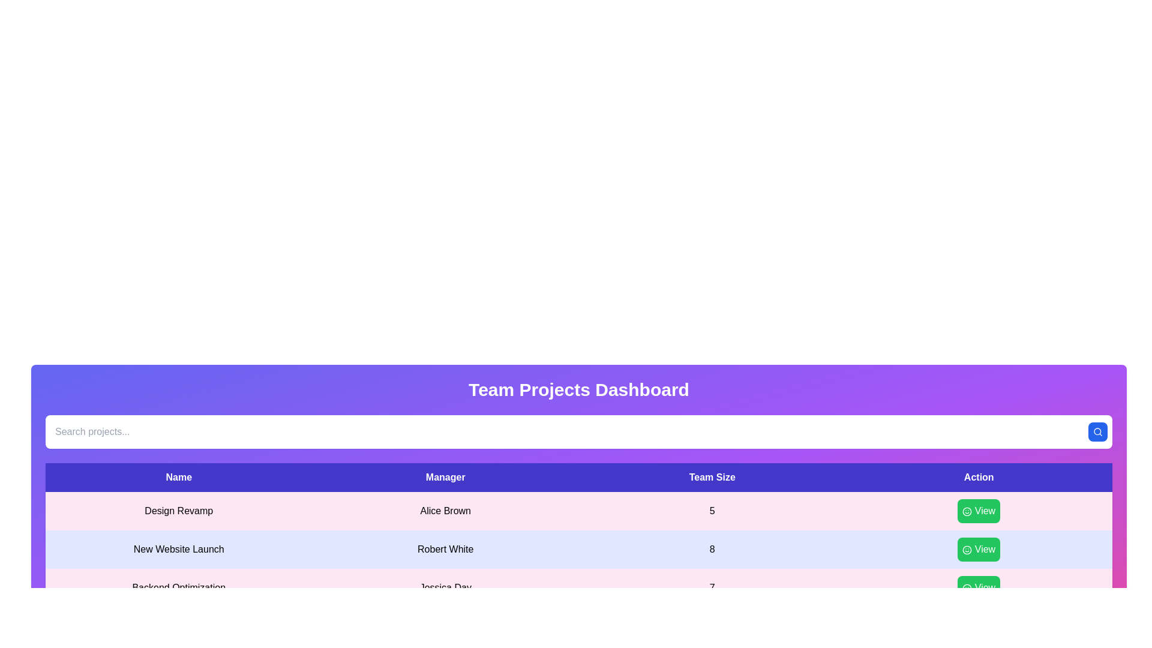 This screenshot has width=1152, height=648. I want to click on the smiley face icon located within the green 'View' button, which is positioned in the rightmost action column of a row in a tabular layout, so click(967, 550).